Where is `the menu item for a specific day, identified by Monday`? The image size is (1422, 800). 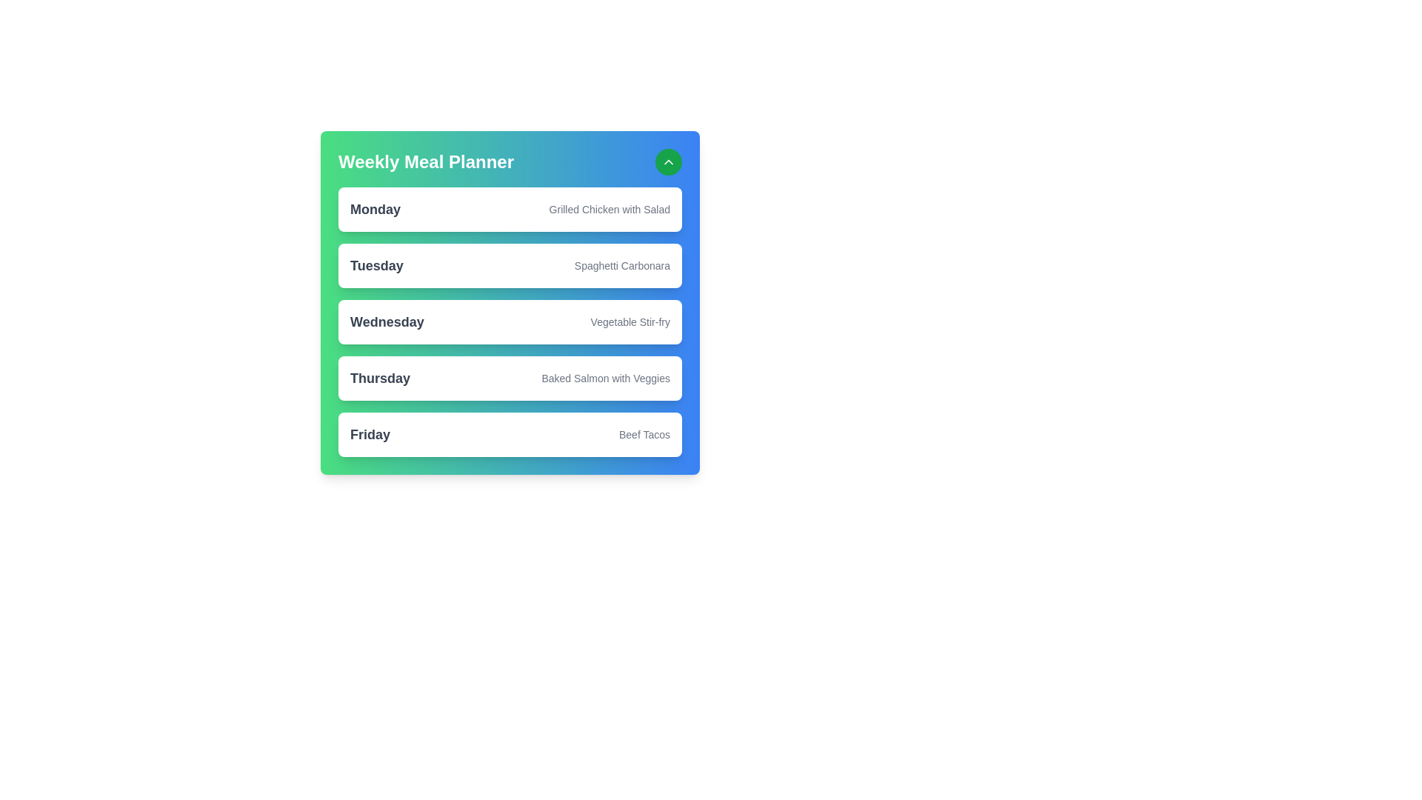
the menu item for a specific day, identified by Monday is located at coordinates (375, 209).